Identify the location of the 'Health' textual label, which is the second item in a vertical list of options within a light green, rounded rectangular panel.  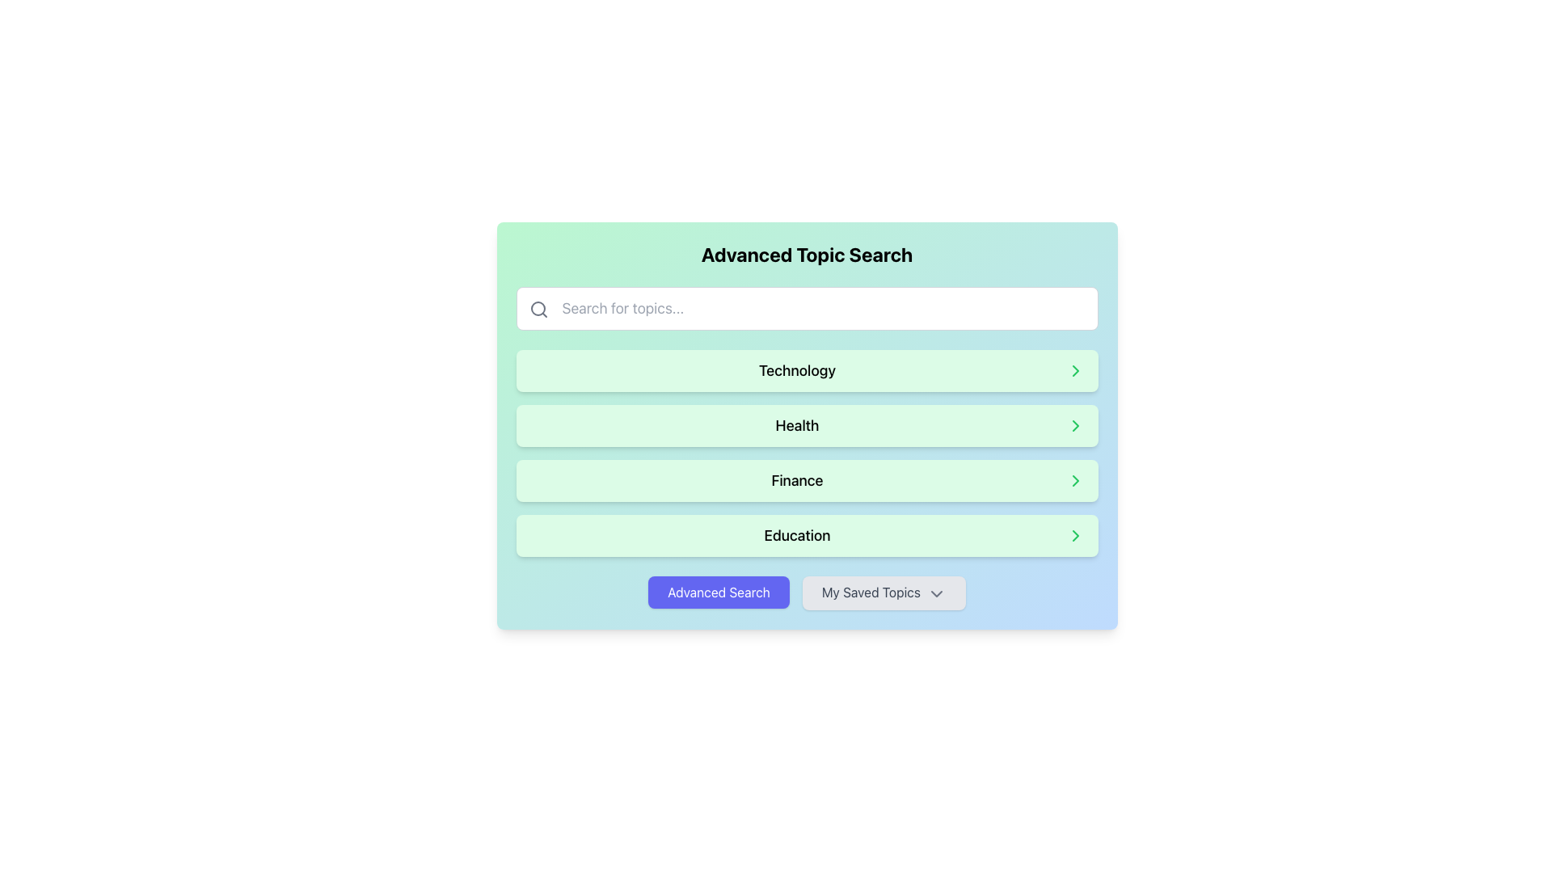
(797, 425).